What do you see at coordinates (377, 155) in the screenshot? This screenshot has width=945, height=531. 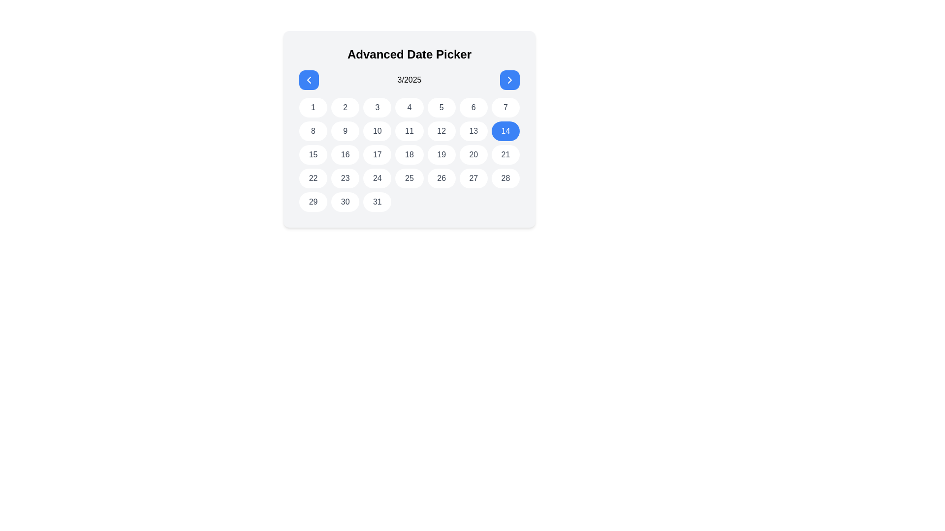 I see `the selectable date button representing the 17th day of the month in the date picker interface` at bounding box center [377, 155].